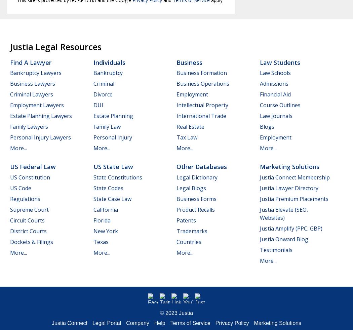 This screenshot has width=353, height=330. What do you see at coordinates (28, 231) in the screenshot?
I see `'District Courts'` at bounding box center [28, 231].